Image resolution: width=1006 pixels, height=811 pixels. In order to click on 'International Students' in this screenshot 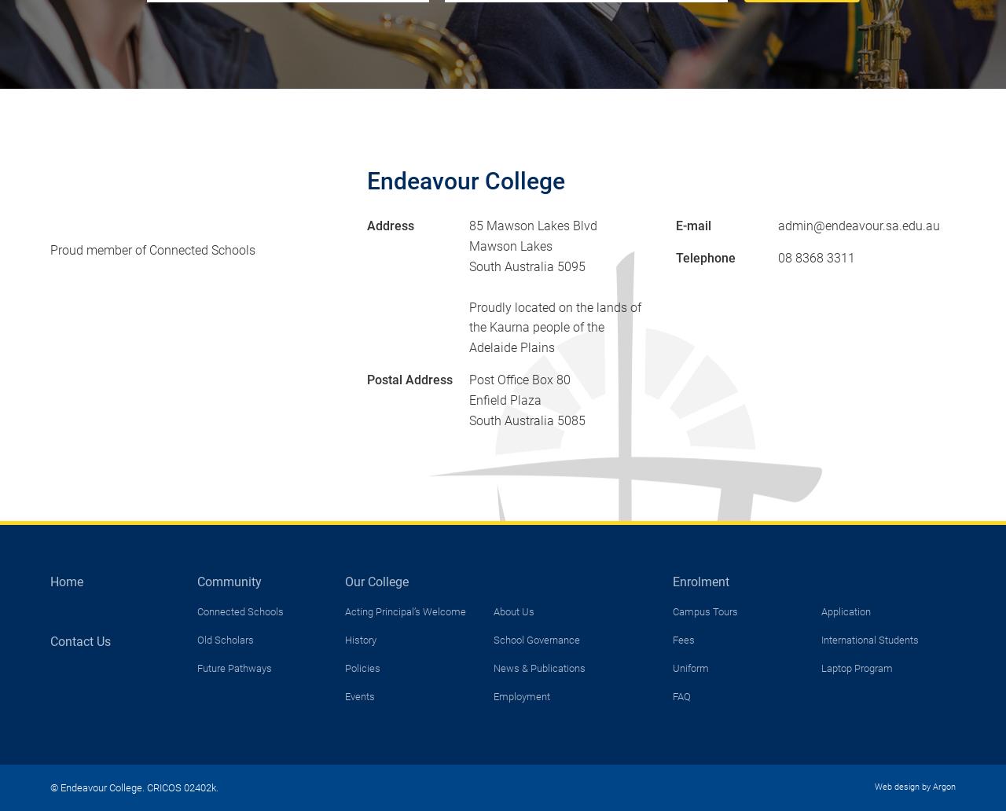, I will do `click(868, 640)`.